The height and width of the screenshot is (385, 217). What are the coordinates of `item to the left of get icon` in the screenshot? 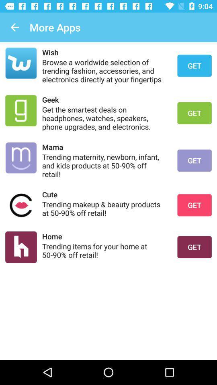 It's located at (104, 208).